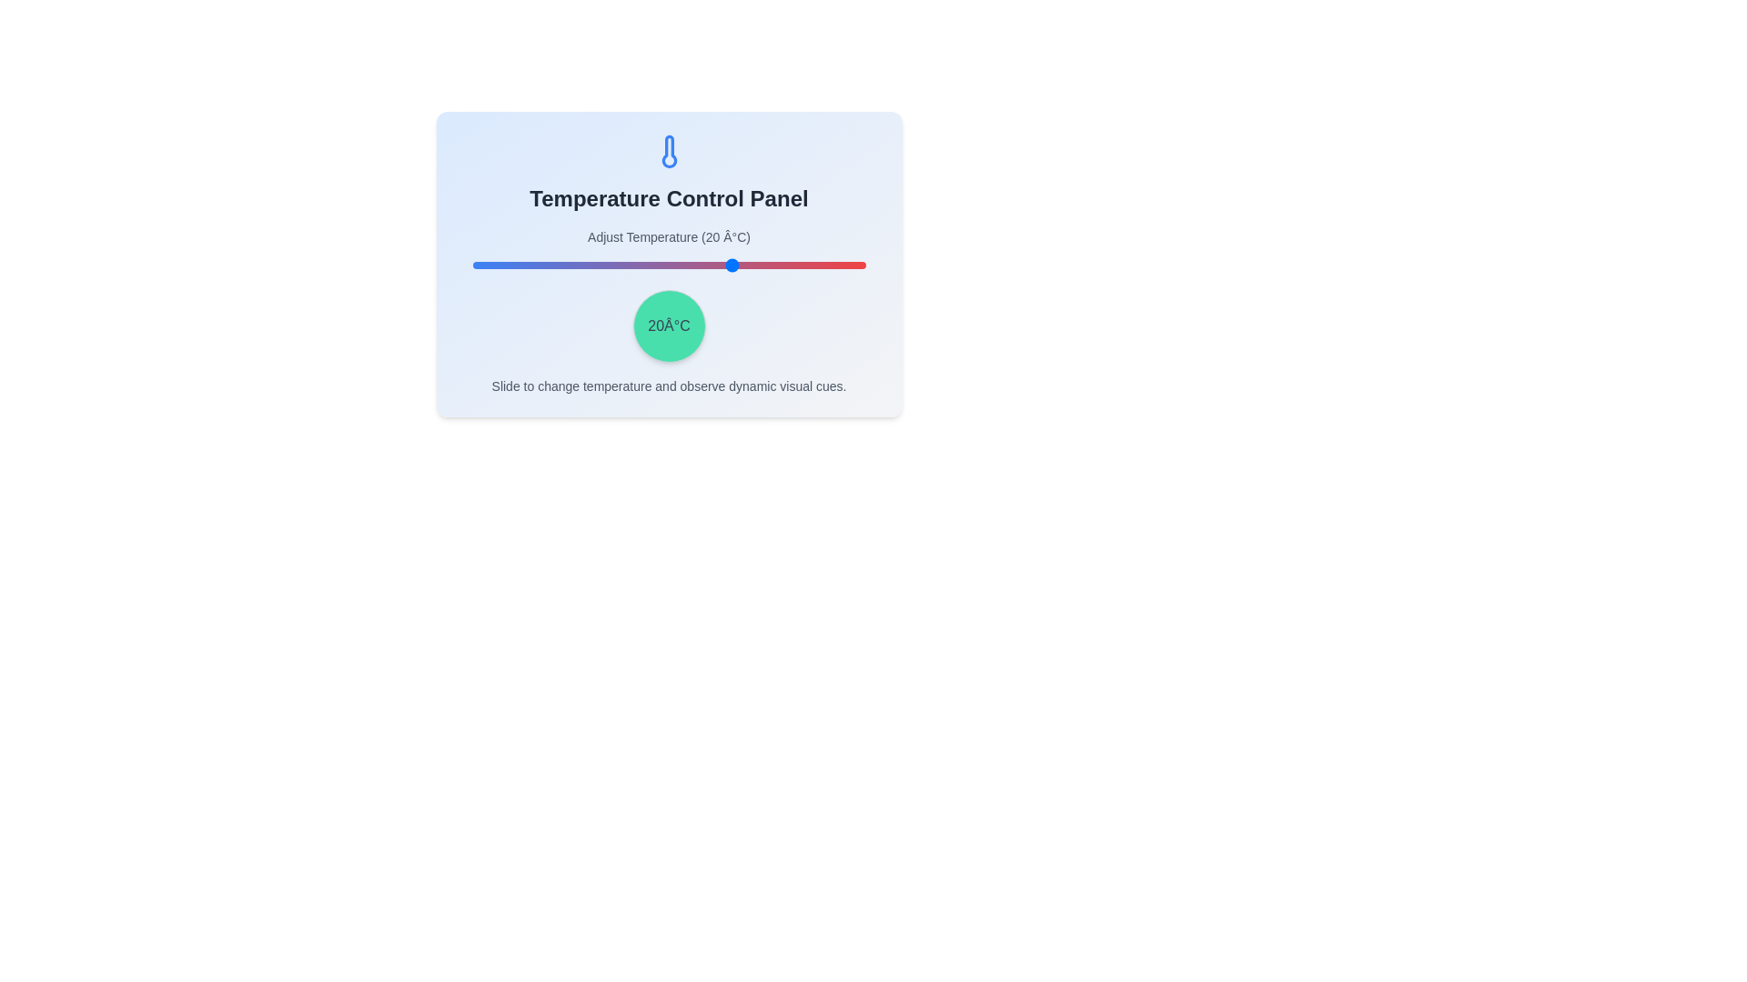  What do you see at coordinates (756, 266) in the screenshot?
I see `the temperature slider to 25°C` at bounding box center [756, 266].